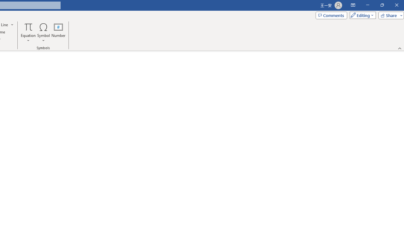 The width and height of the screenshot is (404, 227). Describe the element at coordinates (400, 48) in the screenshot. I see `'Collapse the Ribbon'` at that location.